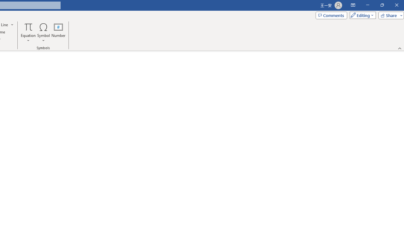 The width and height of the screenshot is (404, 227). Describe the element at coordinates (400, 48) in the screenshot. I see `'Collapse the Ribbon'` at that location.